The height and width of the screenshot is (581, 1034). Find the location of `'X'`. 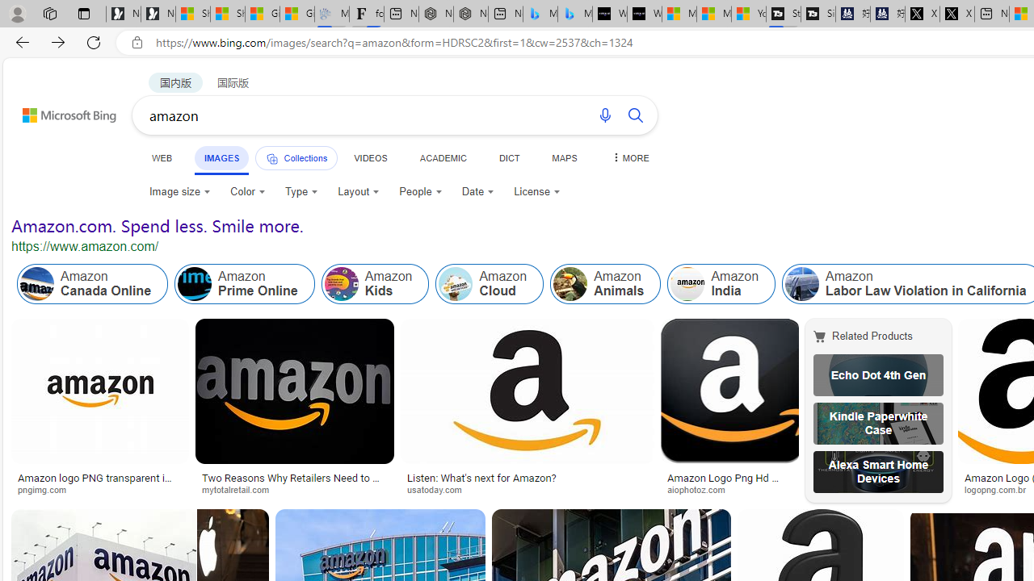

'X' is located at coordinates (956, 14).